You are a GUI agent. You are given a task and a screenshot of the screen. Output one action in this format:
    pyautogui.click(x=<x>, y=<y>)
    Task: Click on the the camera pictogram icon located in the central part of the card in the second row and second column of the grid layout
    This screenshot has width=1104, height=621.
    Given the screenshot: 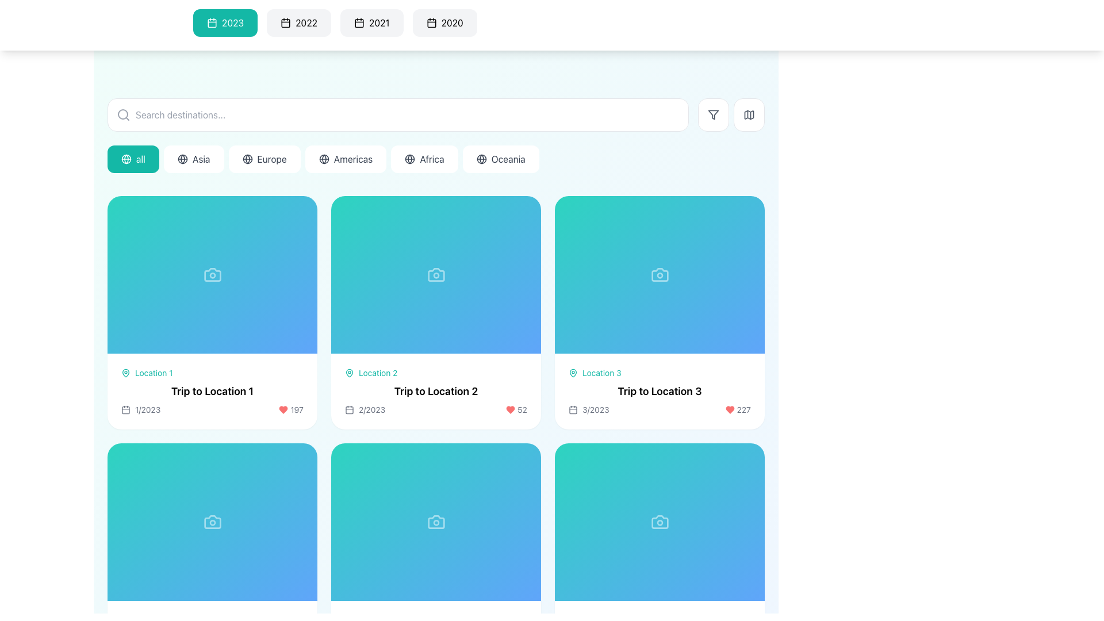 What is the action you would take?
    pyautogui.click(x=435, y=522)
    